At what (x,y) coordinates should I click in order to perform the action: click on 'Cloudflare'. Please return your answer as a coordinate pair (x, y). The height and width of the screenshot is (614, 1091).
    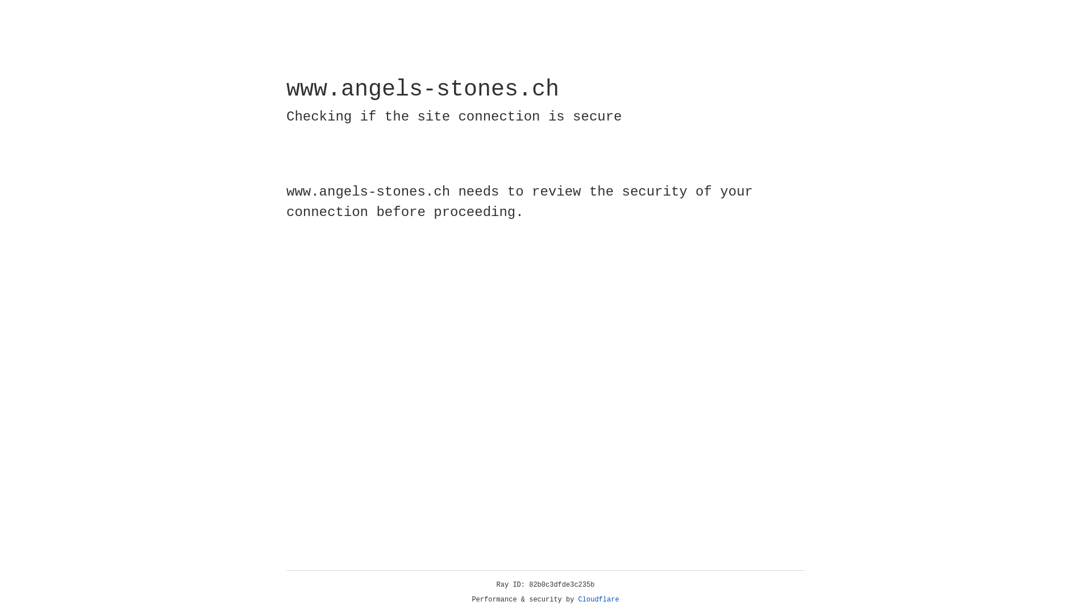
    Looking at the image, I should click on (578, 599).